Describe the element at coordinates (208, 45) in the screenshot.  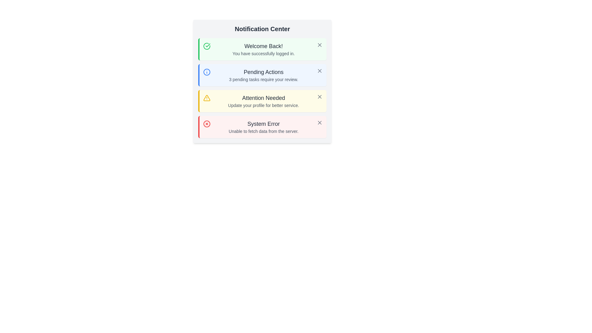
I see `the green checkmark within the circular icon located in the first notification item of the Notification Center` at that location.